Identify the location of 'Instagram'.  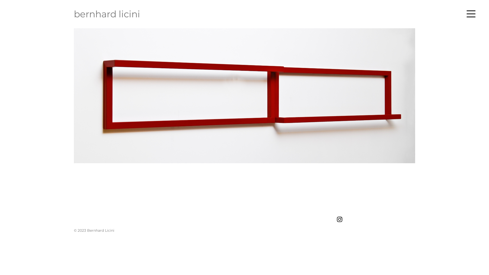
(339, 219).